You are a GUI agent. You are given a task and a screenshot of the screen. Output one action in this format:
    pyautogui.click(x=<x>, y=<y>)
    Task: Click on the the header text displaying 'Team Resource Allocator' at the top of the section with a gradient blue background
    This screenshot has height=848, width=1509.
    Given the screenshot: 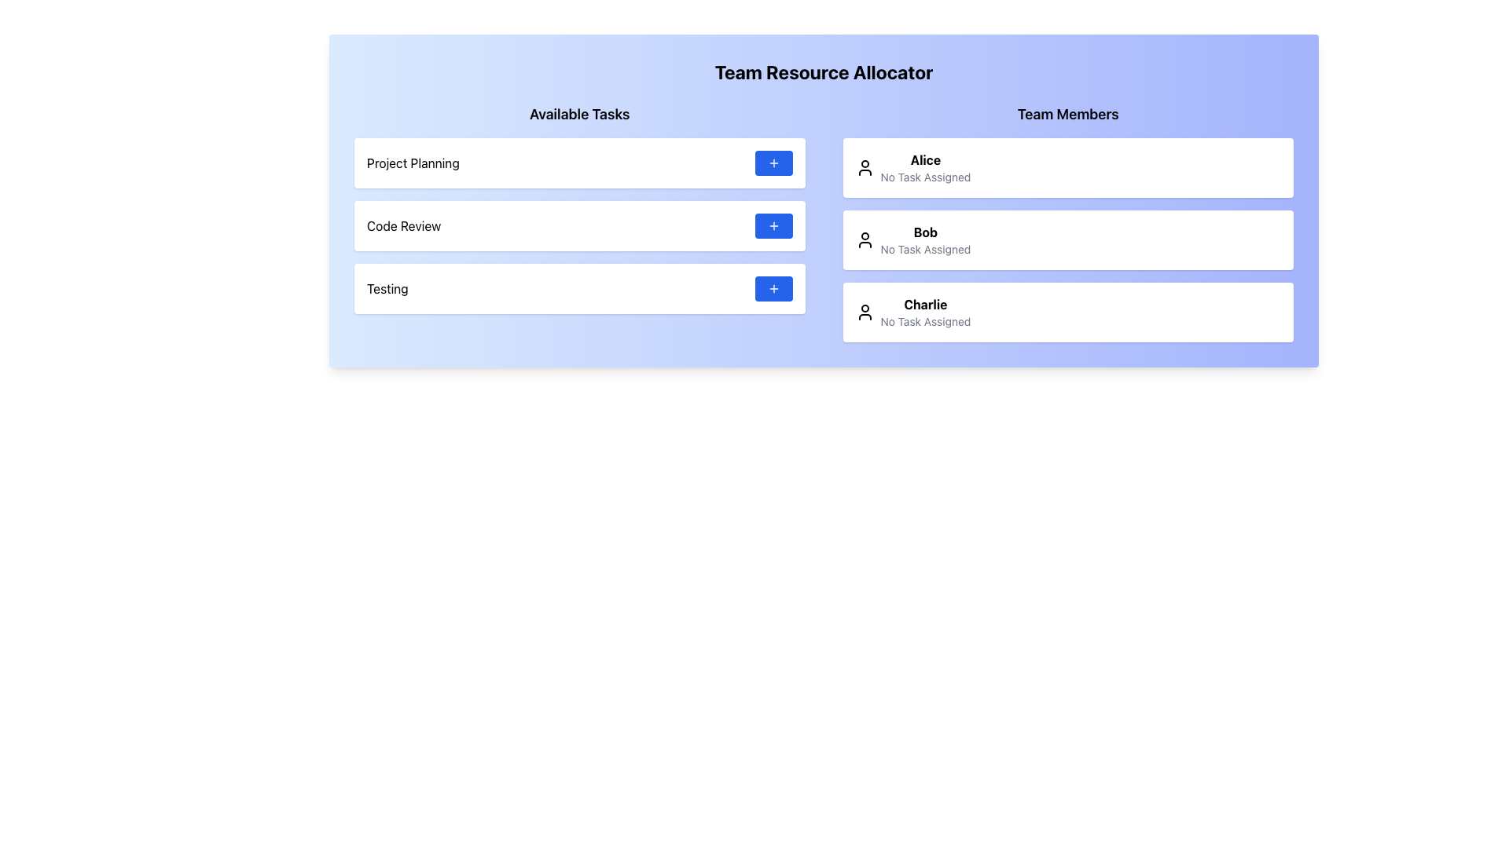 What is the action you would take?
    pyautogui.click(x=823, y=72)
    